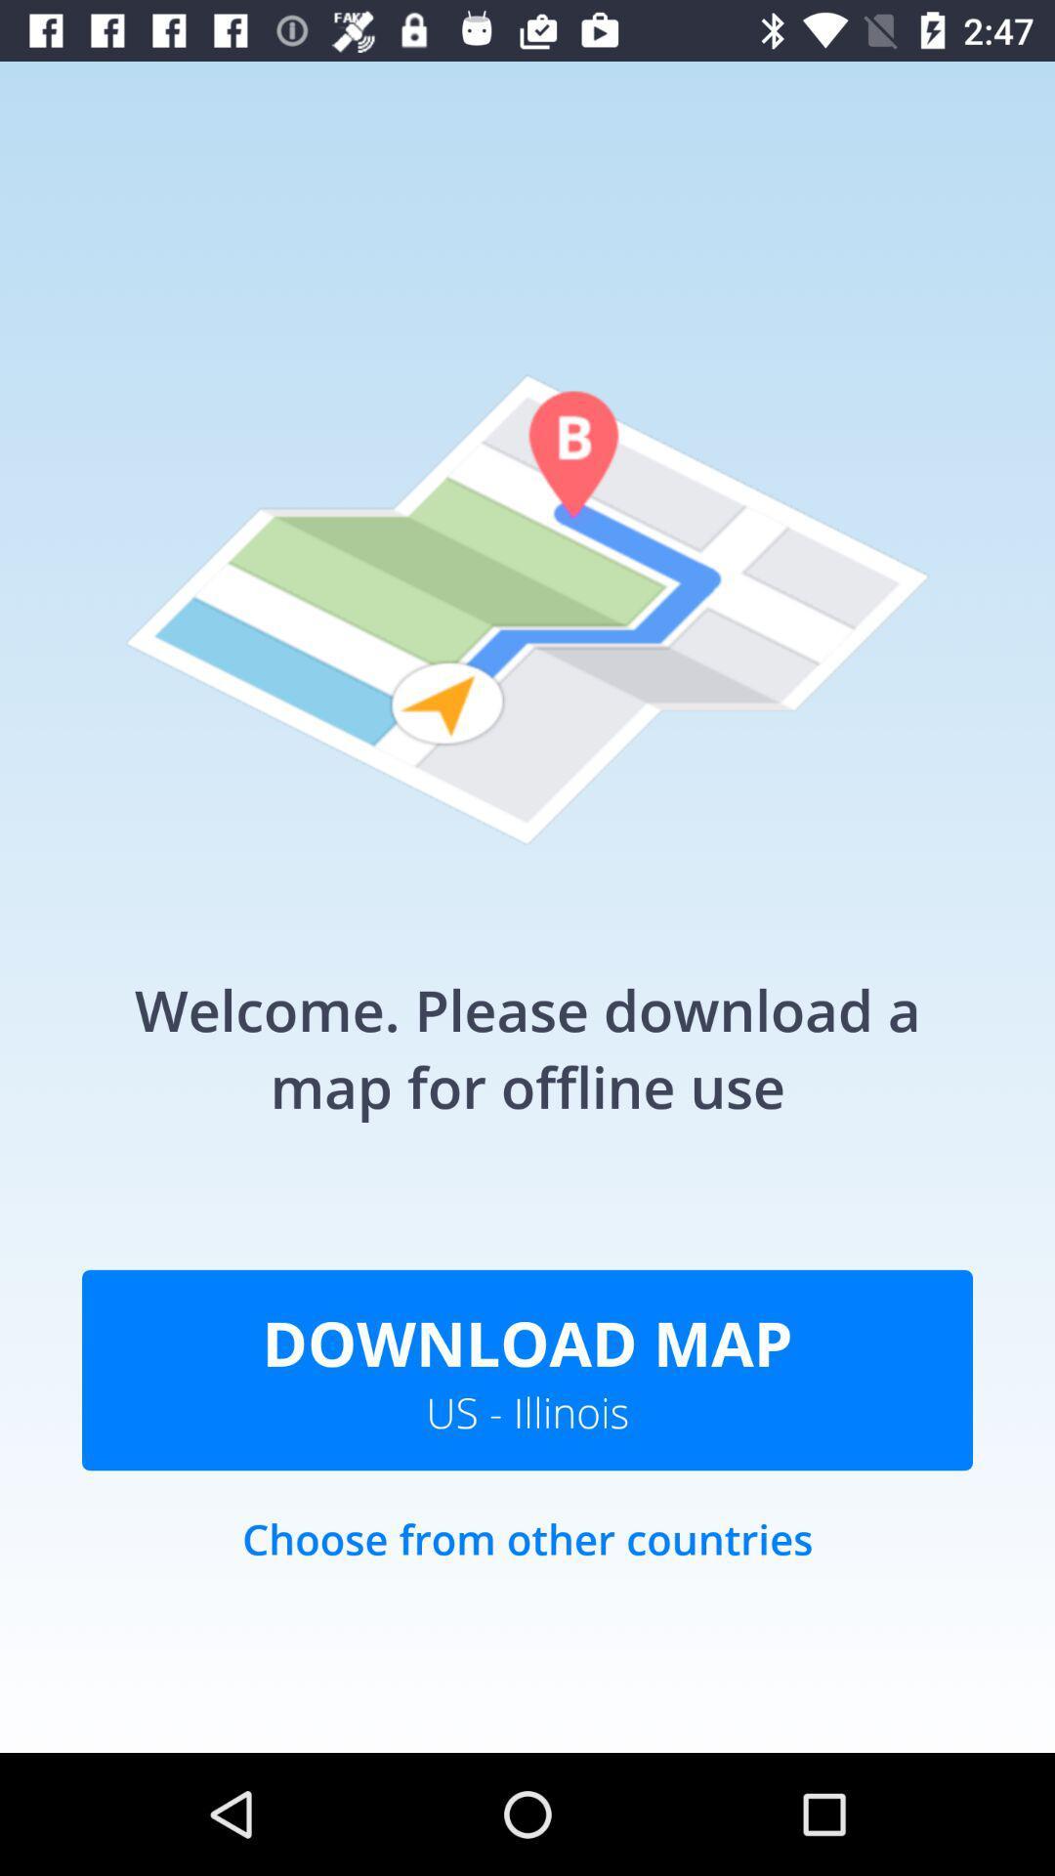  Describe the element at coordinates (527, 1558) in the screenshot. I see `choose from other icon` at that location.